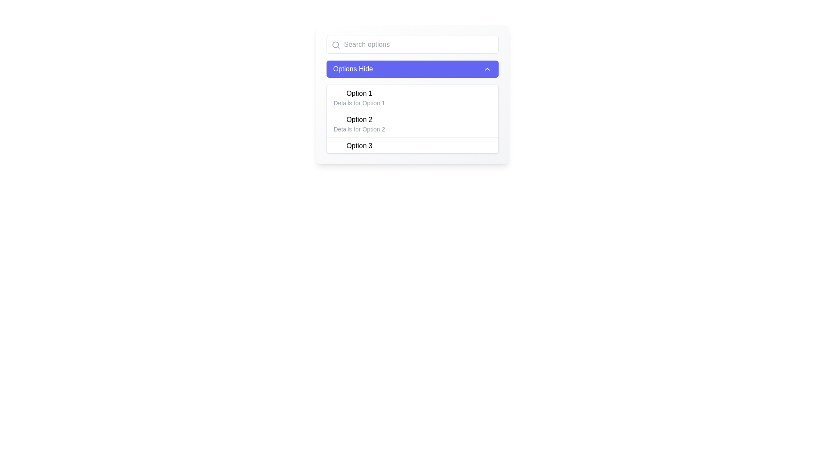 The image size is (826, 464). I want to click on the first option in the dropdown menu titled 'Option 1', so click(412, 94).